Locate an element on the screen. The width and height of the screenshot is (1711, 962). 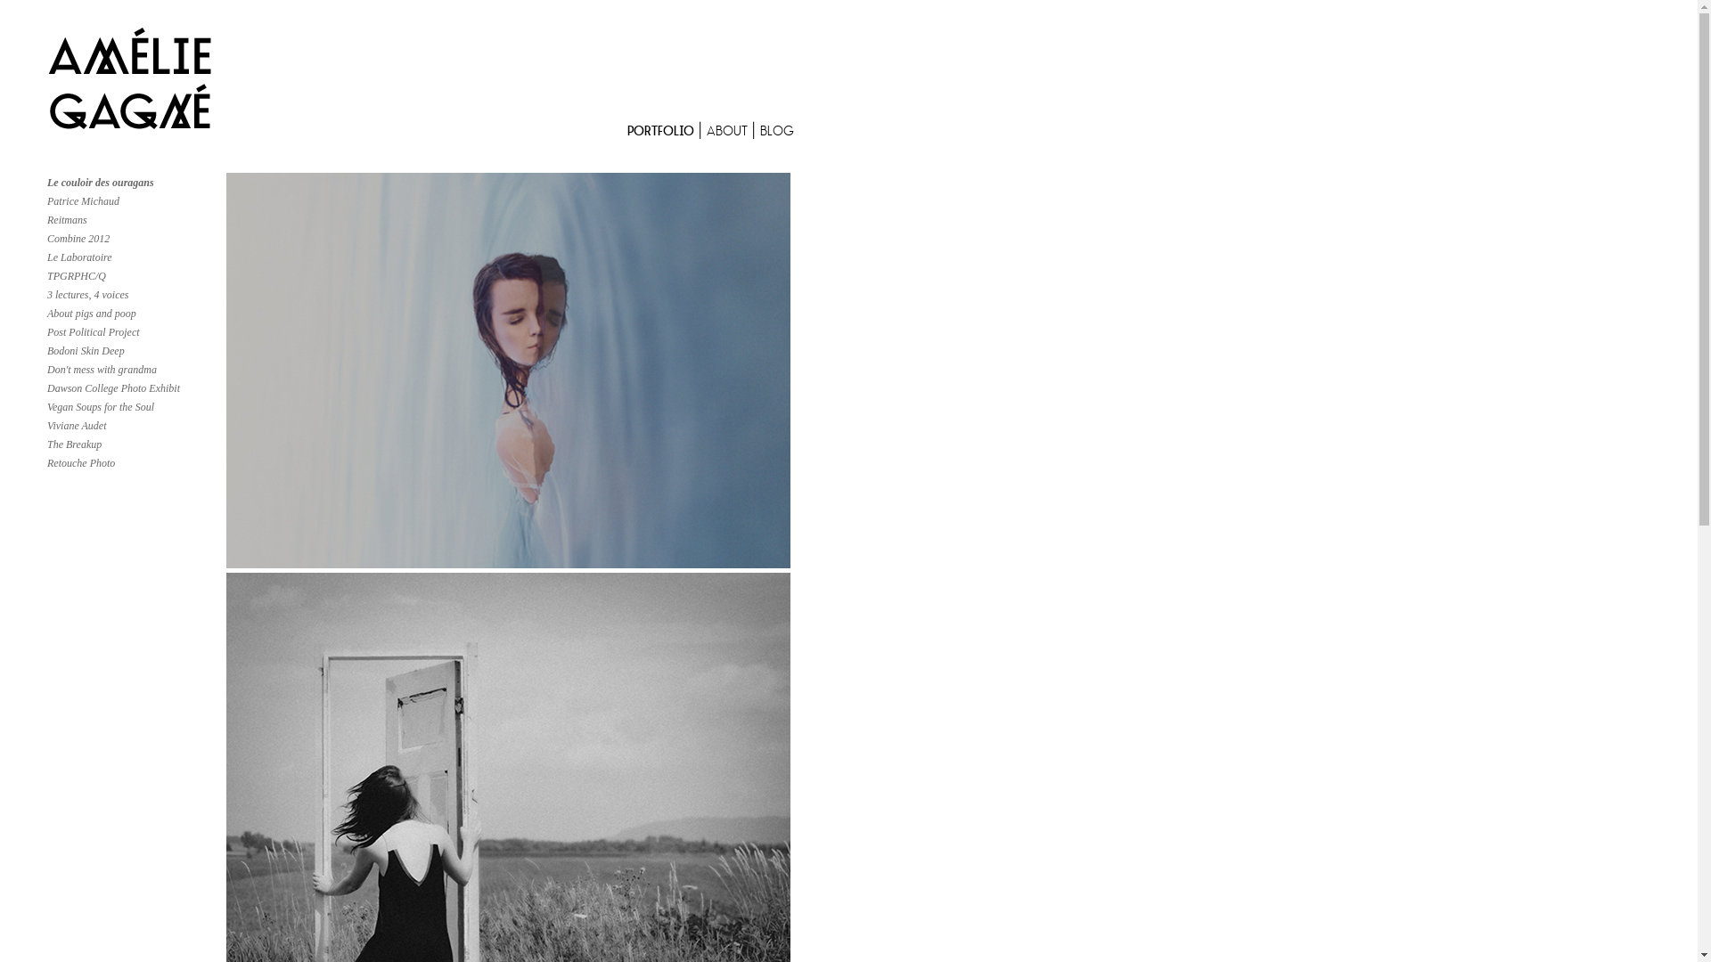
'Reitmans' is located at coordinates (46, 218).